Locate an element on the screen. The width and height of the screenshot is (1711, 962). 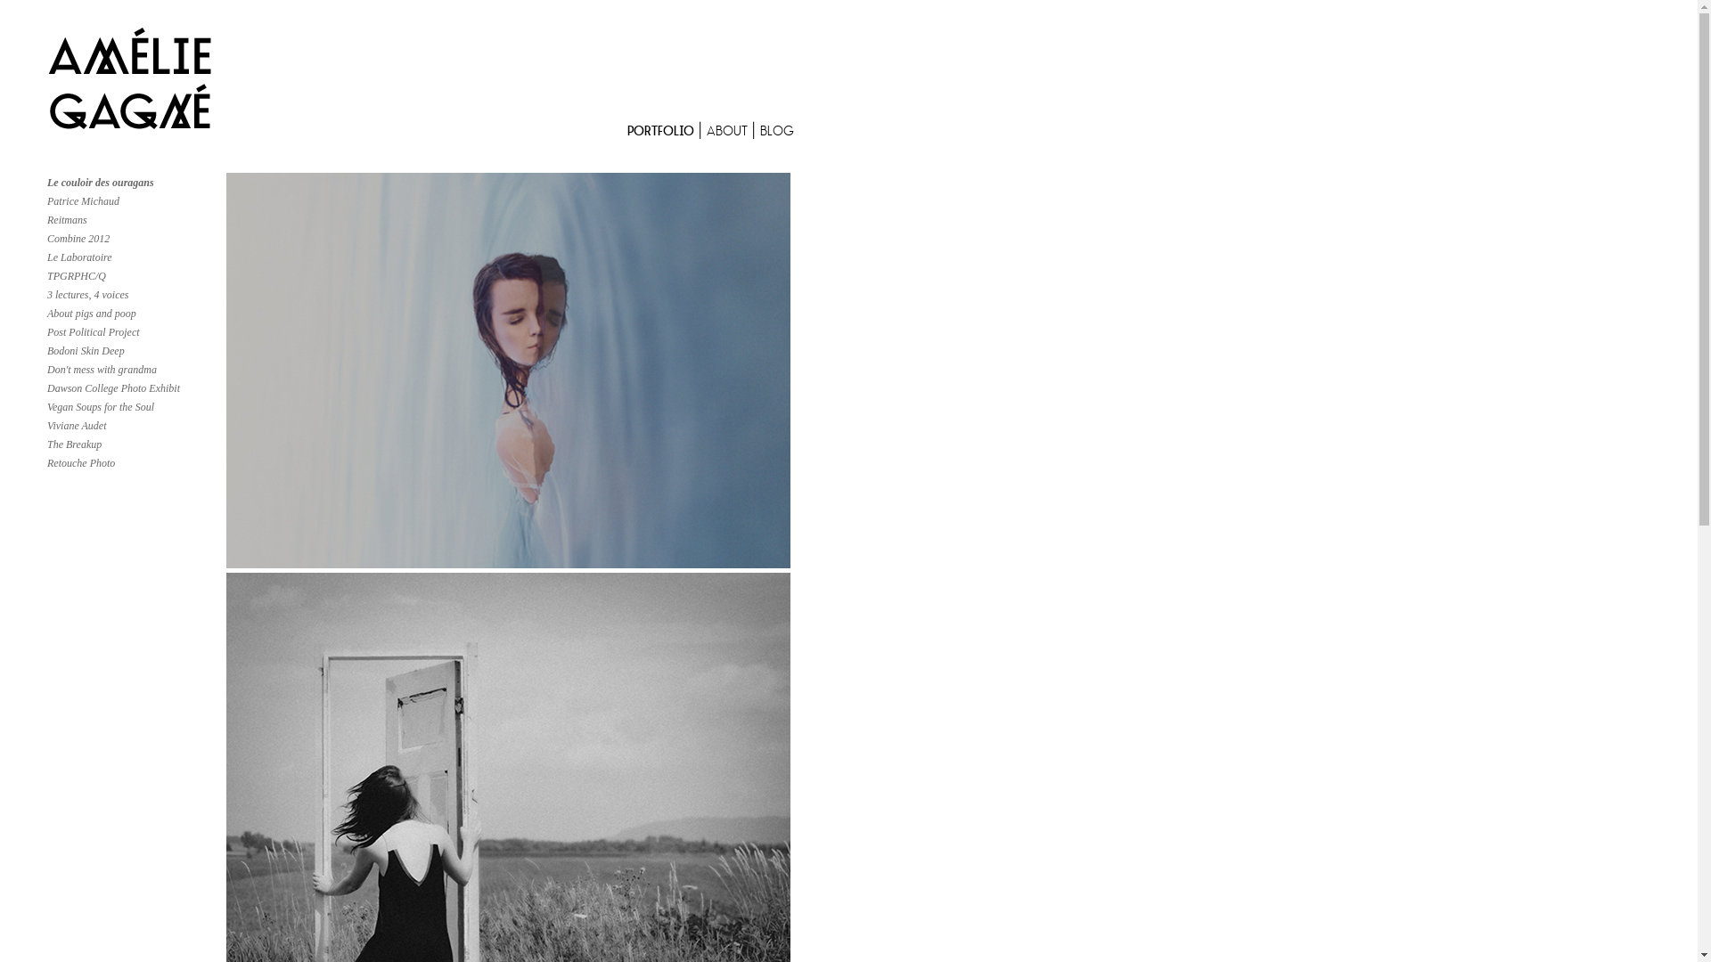
'Reitmans' is located at coordinates (46, 218).